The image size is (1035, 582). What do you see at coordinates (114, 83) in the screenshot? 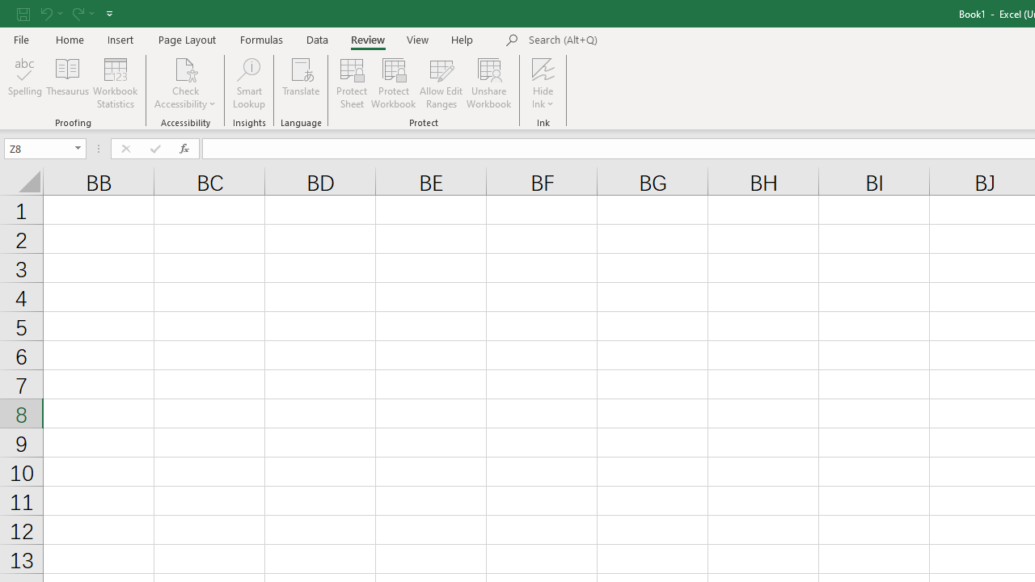
I see `'Workbook Statistics'` at bounding box center [114, 83].